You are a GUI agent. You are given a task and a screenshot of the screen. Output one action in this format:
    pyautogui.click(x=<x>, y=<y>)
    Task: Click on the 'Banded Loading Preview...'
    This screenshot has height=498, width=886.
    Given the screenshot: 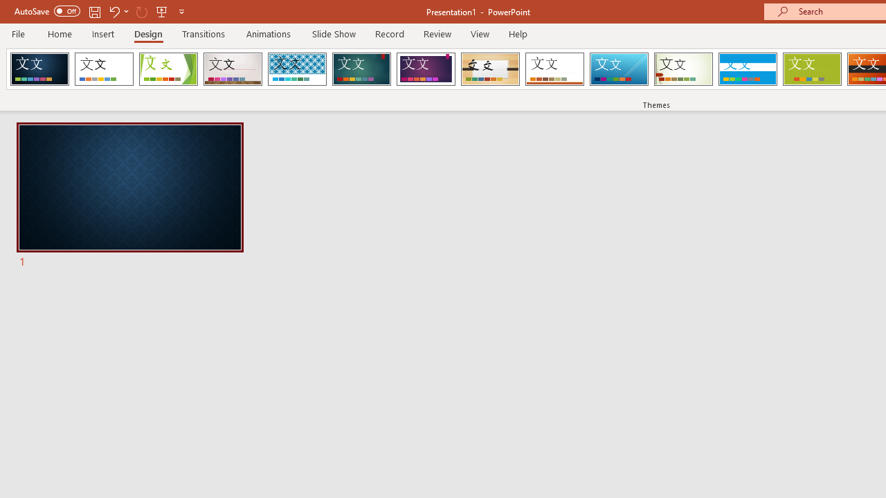 What is the action you would take?
    pyautogui.click(x=747, y=69)
    